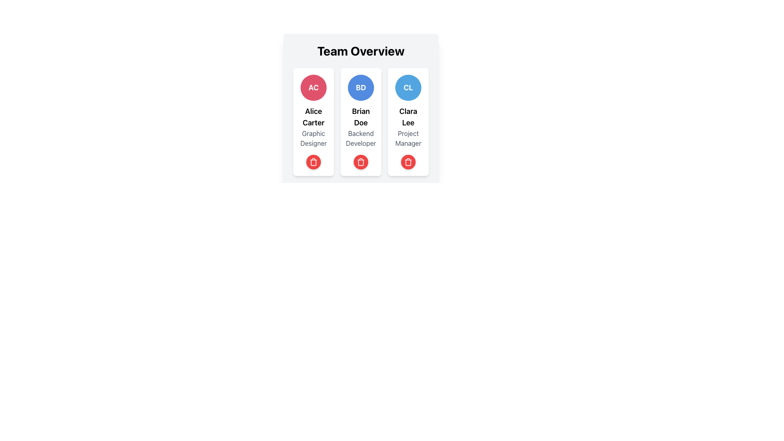 The width and height of the screenshot is (784, 441). What do you see at coordinates (408, 162) in the screenshot?
I see `the delete button located at the bottom of the Clara Lee profile card in the Team Overview section` at bounding box center [408, 162].